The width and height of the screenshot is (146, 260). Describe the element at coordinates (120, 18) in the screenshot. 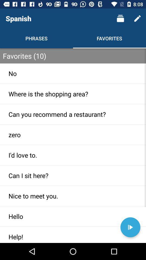

I see `item above favorites` at that location.